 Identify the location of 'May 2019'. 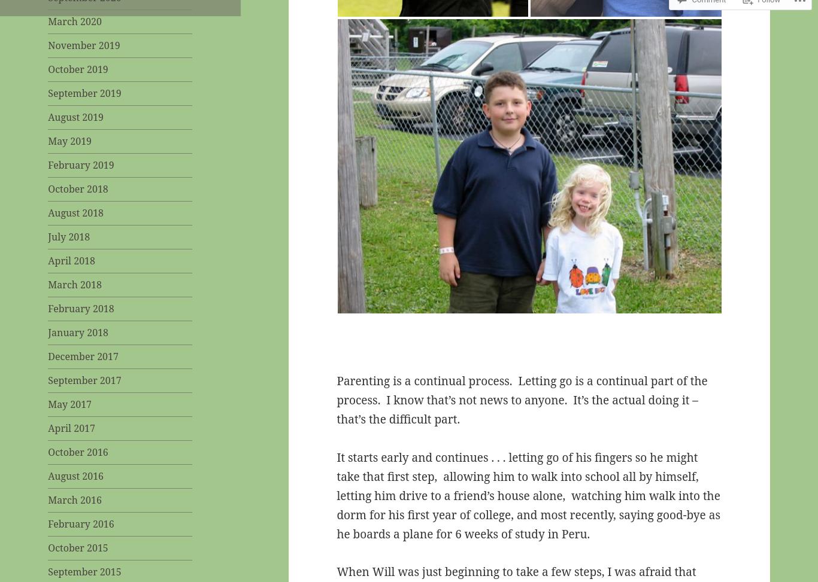
(69, 140).